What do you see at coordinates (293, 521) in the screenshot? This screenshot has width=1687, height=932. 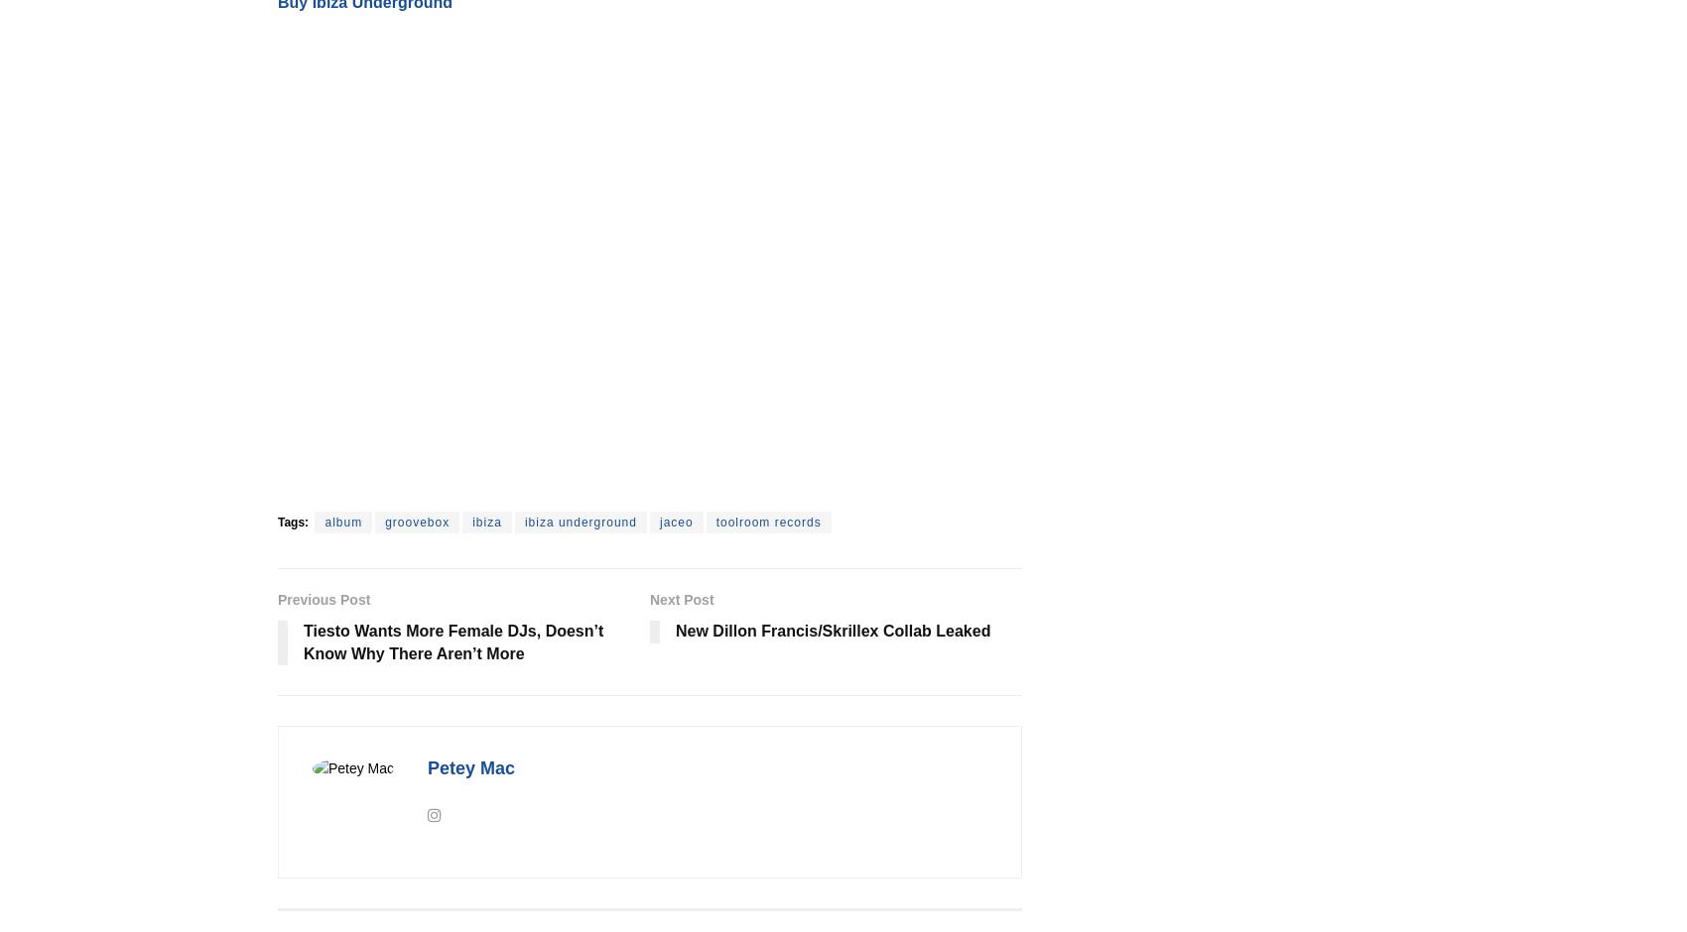 I see `'Tags:'` at bounding box center [293, 521].